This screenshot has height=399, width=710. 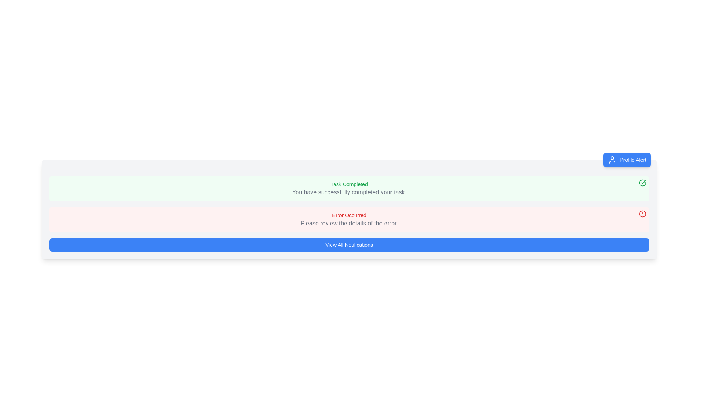 I want to click on the alert icon located at the top-right corner of the notification box indicating an error message, so click(x=642, y=214).